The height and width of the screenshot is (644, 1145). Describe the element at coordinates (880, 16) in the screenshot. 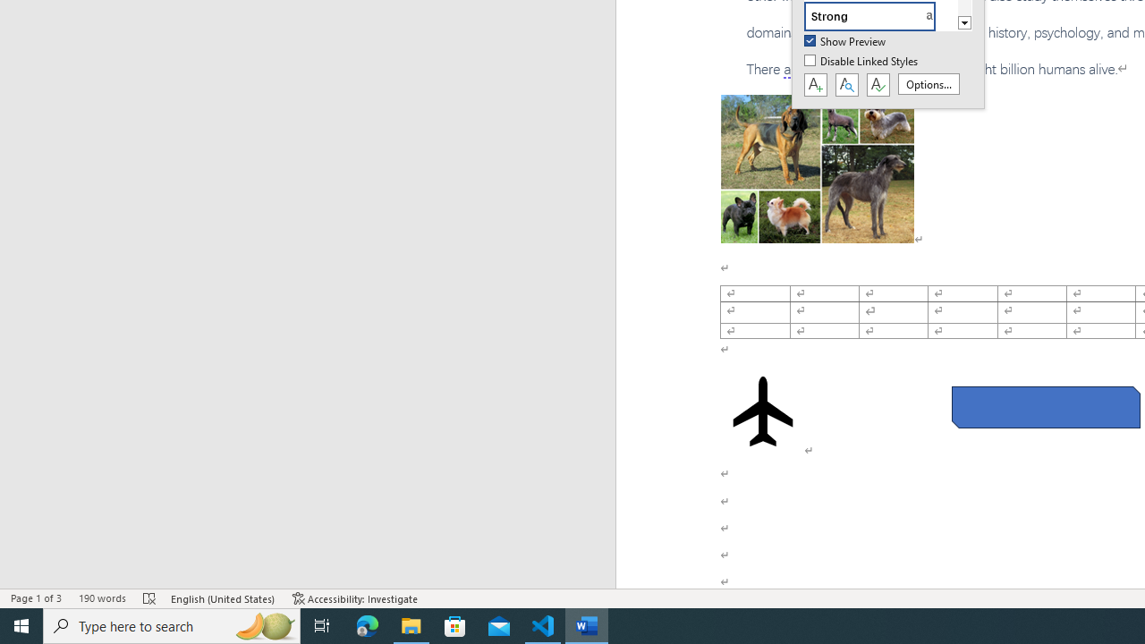

I see `'Strong'` at that location.